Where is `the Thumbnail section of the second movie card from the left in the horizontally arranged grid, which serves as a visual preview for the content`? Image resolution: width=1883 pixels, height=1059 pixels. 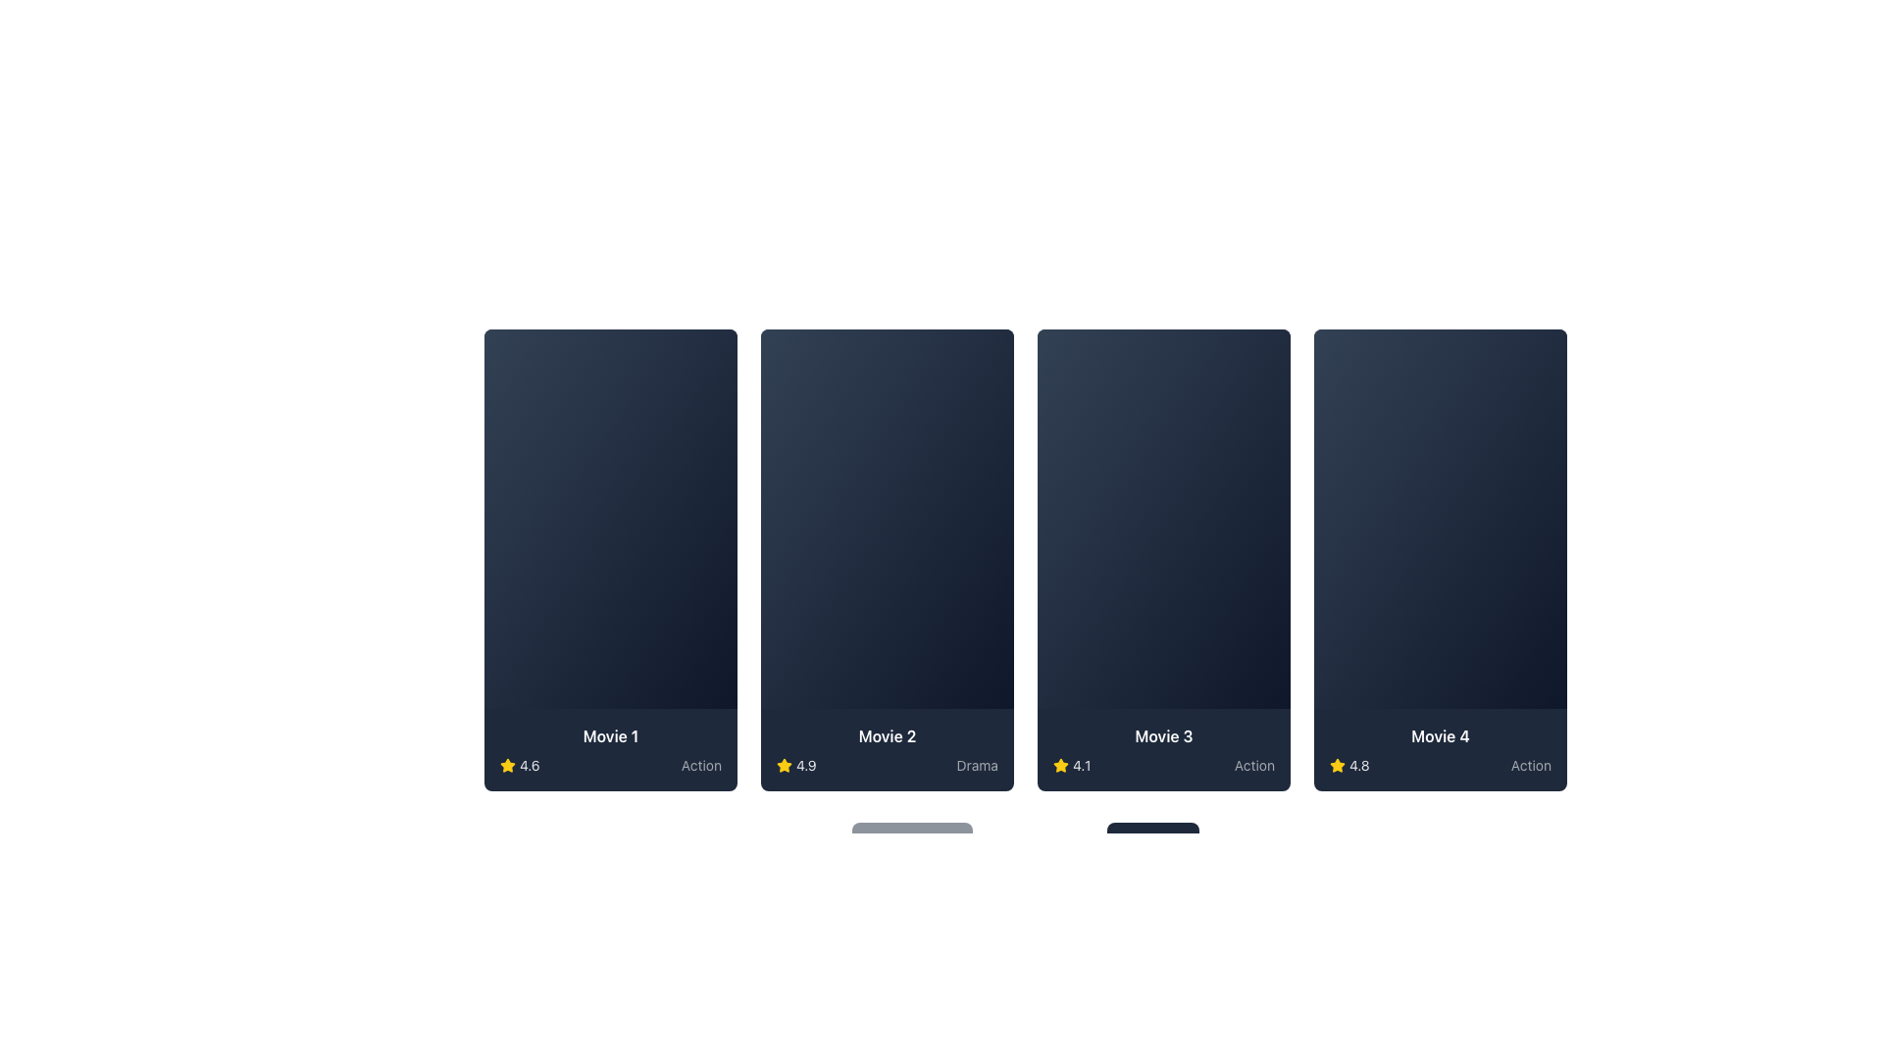 the Thumbnail section of the second movie card from the left in the horizontally arranged grid, which serves as a visual preview for the content is located at coordinates (887, 518).